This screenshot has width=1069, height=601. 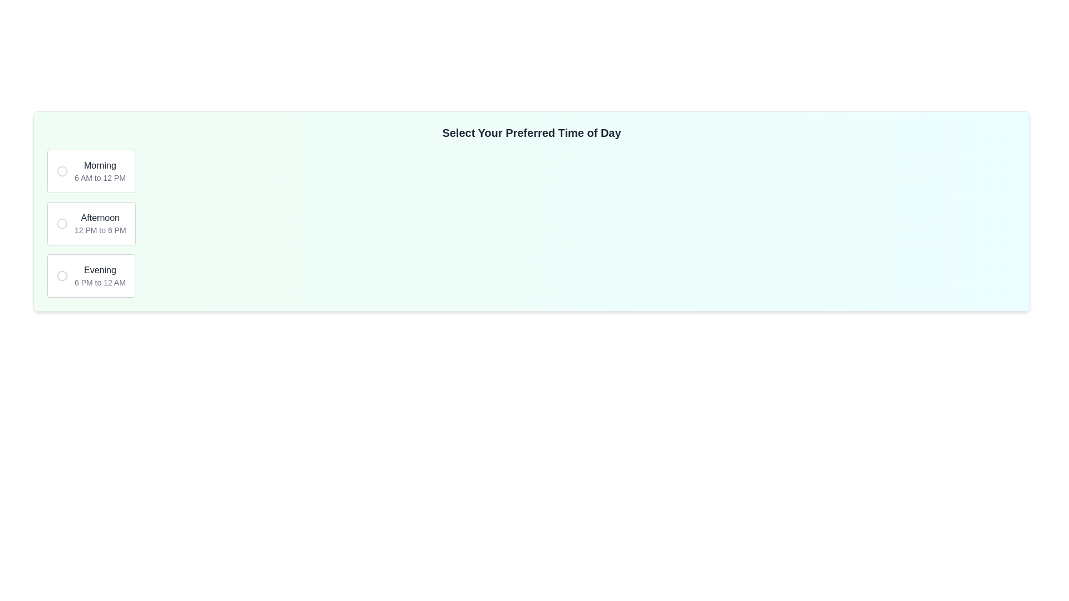 I want to click on the 'Morning 6 AM to 12 PM' radiobutton under the 'Select Your Preferred Time of Day' heading and select it using the space or enter key, so click(x=91, y=171).